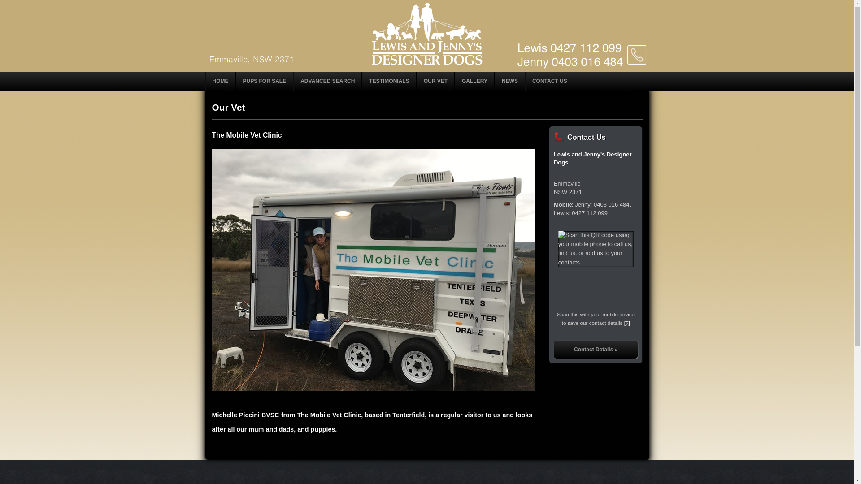 This screenshot has height=484, width=861. Describe the element at coordinates (626, 323) in the screenshot. I see `'[?]'` at that location.